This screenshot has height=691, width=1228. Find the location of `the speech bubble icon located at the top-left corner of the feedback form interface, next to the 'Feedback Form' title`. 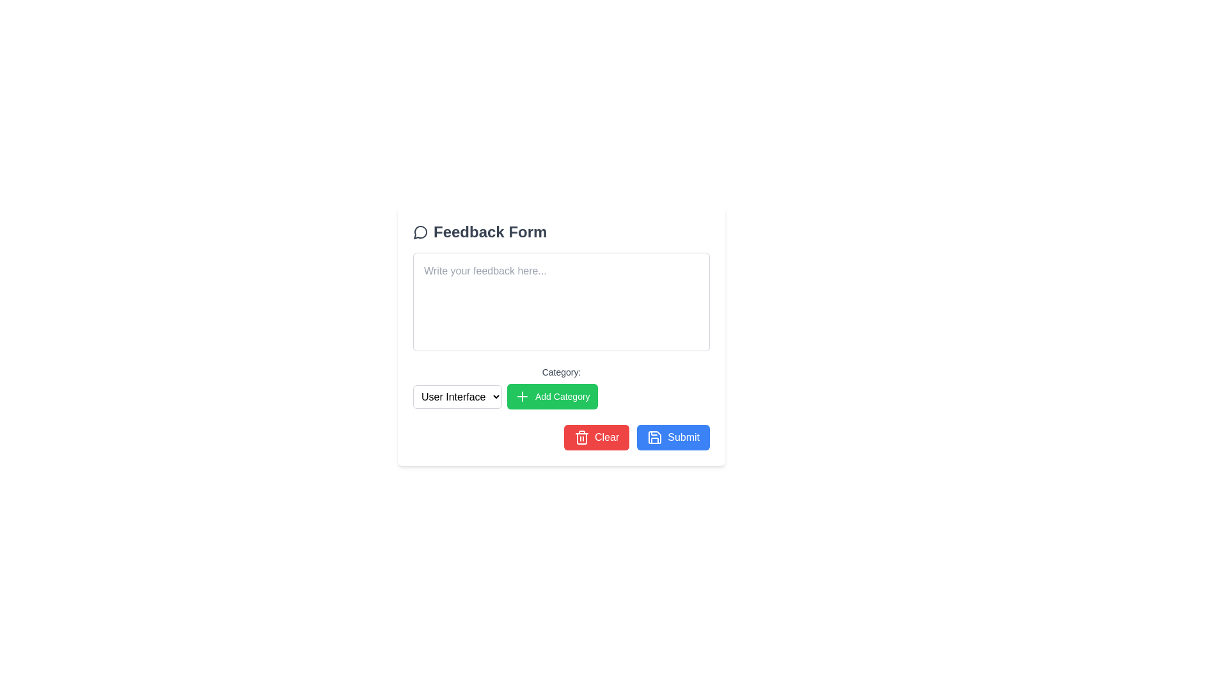

the speech bubble icon located at the top-left corner of the feedback form interface, next to the 'Feedback Form' title is located at coordinates (420, 232).